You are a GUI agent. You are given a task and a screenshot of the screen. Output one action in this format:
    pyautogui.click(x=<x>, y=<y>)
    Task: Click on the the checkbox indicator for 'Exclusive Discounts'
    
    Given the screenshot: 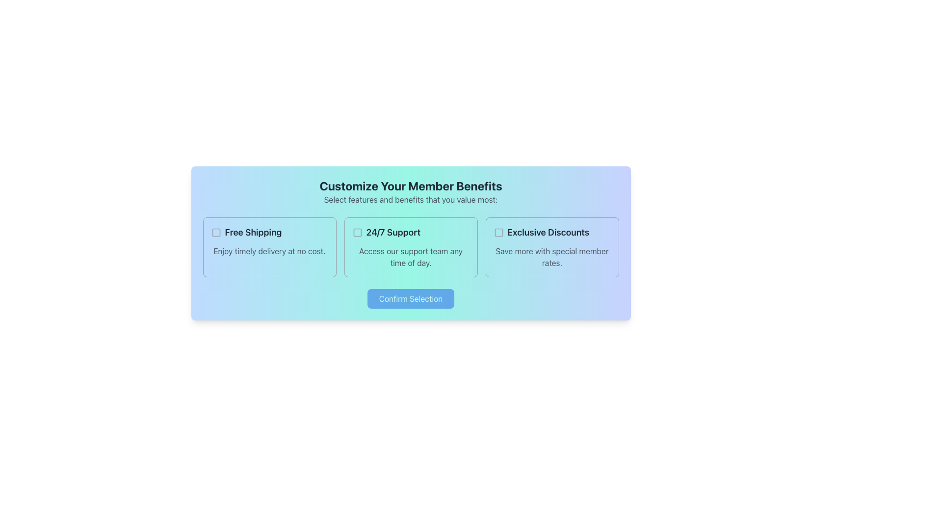 What is the action you would take?
    pyautogui.click(x=498, y=233)
    